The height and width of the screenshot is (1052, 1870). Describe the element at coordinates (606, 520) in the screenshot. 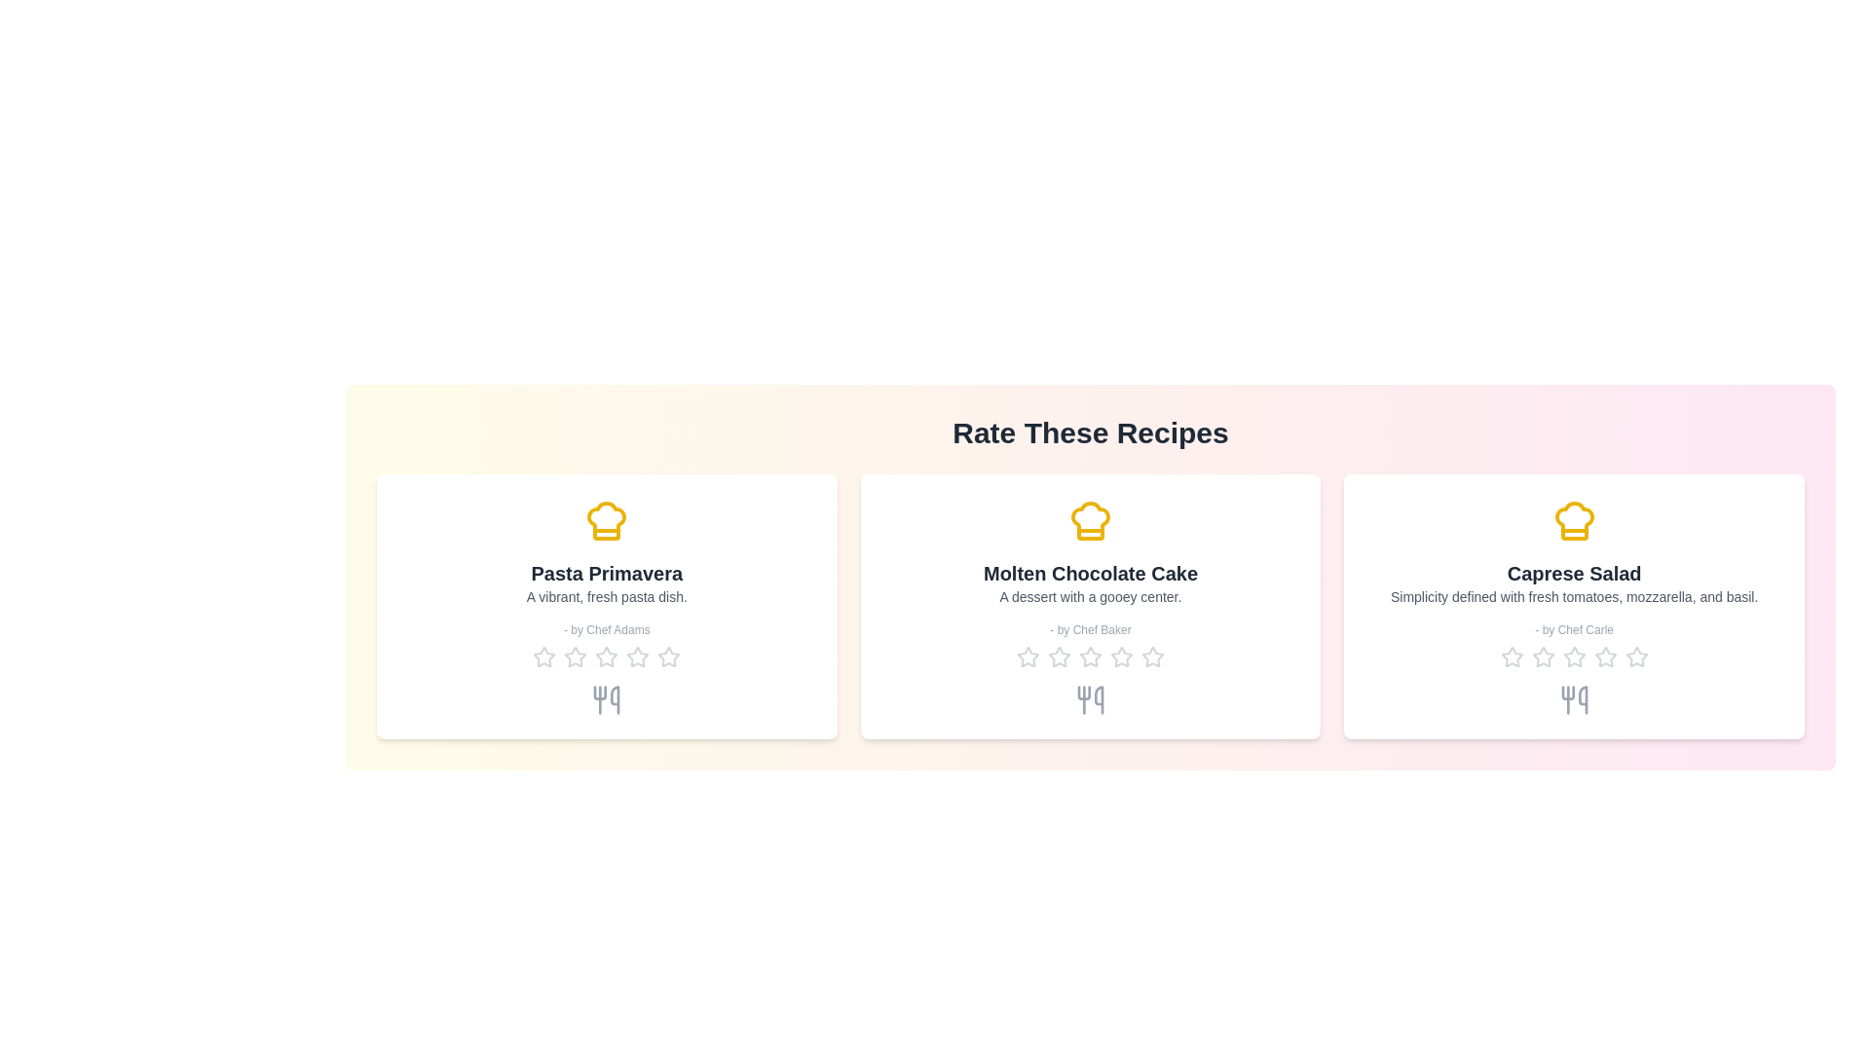

I see `the chef hat icon for the Pasta Primavera recipe` at that location.